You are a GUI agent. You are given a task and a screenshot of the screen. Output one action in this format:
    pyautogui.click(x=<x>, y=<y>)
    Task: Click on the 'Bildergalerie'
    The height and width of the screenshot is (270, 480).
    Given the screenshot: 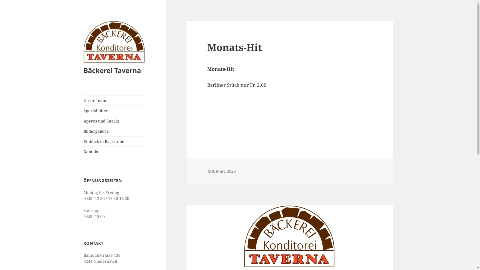 What is the action you would take?
    pyautogui.click(x=114, y=131)
    